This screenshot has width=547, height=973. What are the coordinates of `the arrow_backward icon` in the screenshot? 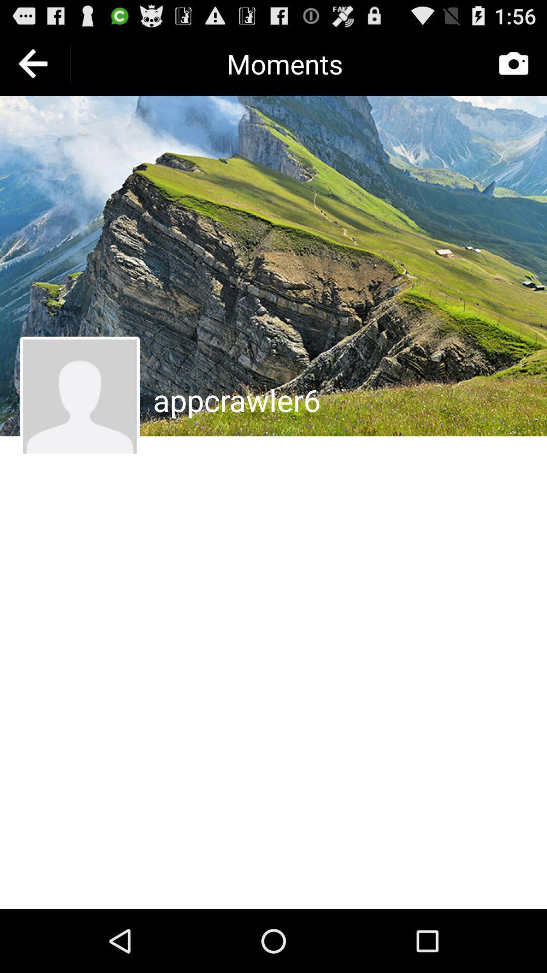 It's located at (34, 67).